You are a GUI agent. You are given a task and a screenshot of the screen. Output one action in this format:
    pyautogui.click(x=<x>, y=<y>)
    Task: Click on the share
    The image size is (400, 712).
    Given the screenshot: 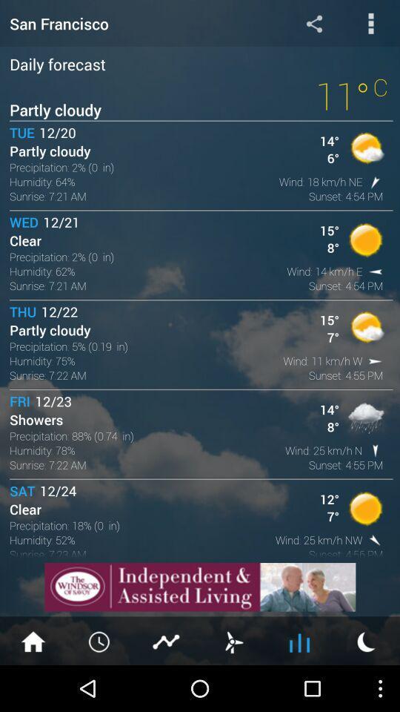 What is the action you would take?
    pyautogui.click(x=313, y=22)
    